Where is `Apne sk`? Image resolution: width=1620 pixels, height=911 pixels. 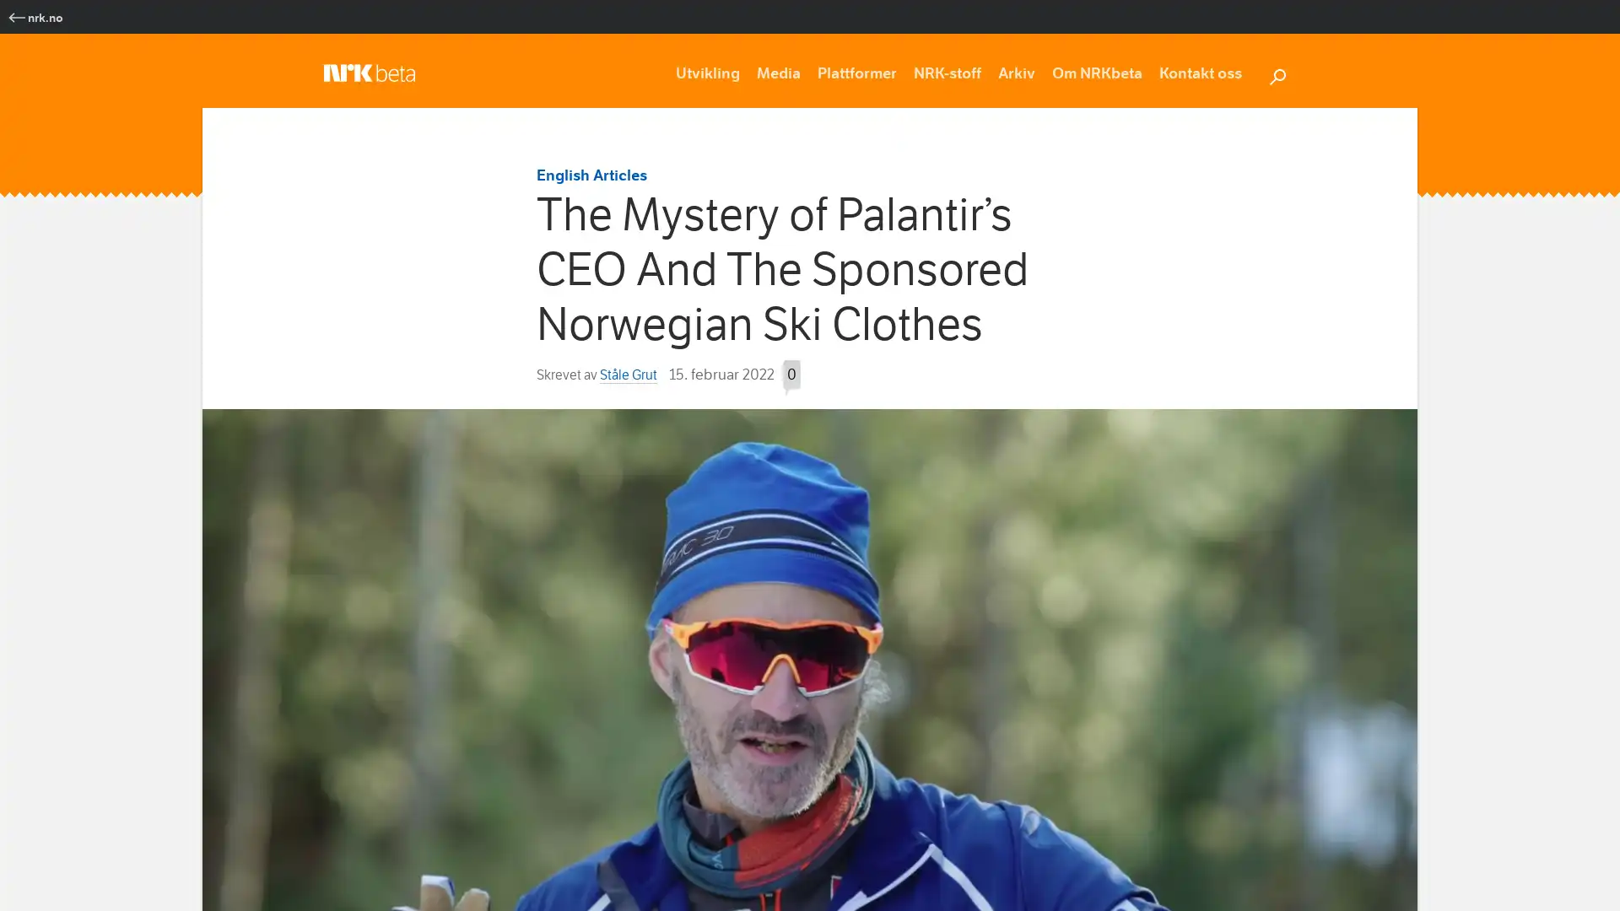 Apne sk is located at coordinates (1277, 73).